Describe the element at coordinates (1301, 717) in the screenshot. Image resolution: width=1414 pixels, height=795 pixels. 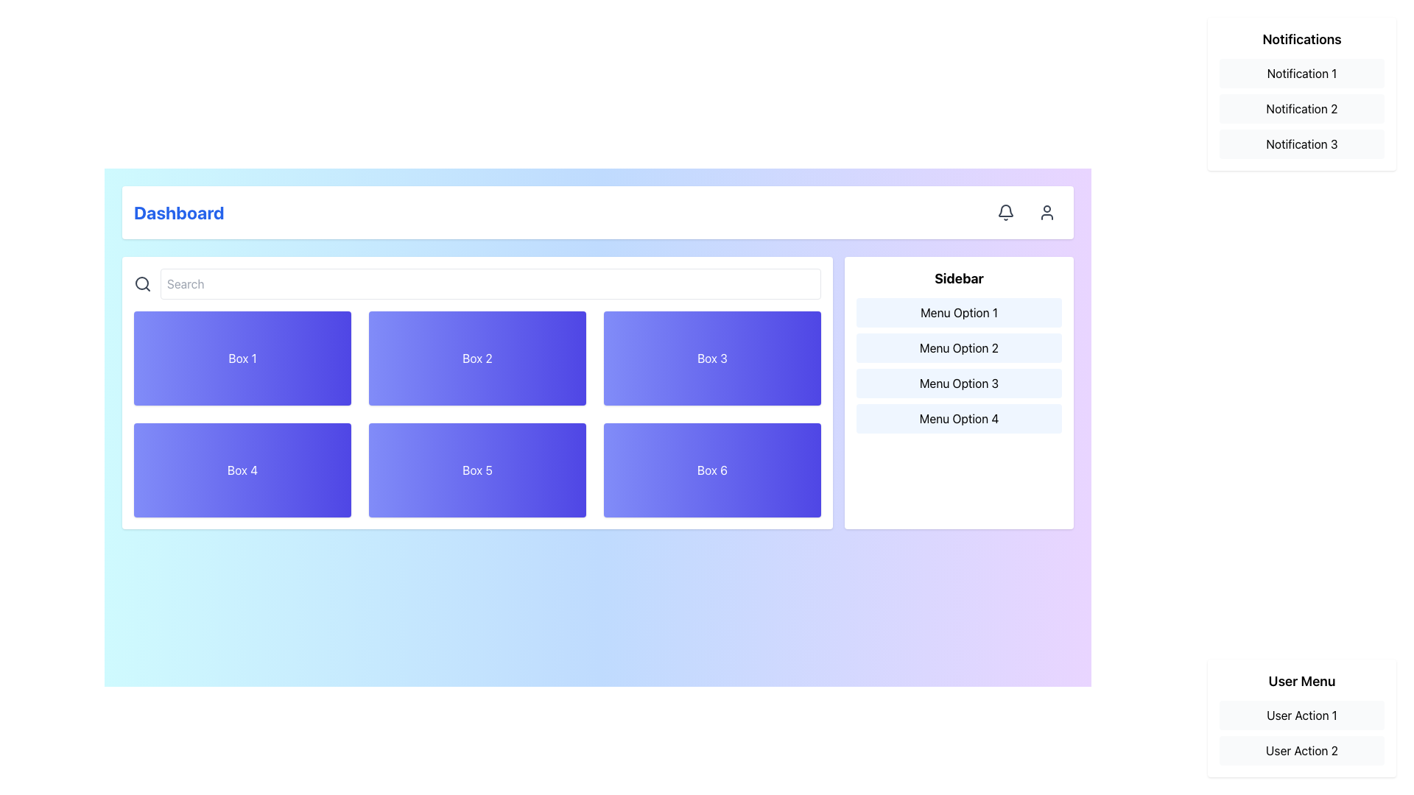
I see `the 'User Action 1' and 'User Action 2' buttons in the User Menu located in the bottom-right corner of the interface` at that location.